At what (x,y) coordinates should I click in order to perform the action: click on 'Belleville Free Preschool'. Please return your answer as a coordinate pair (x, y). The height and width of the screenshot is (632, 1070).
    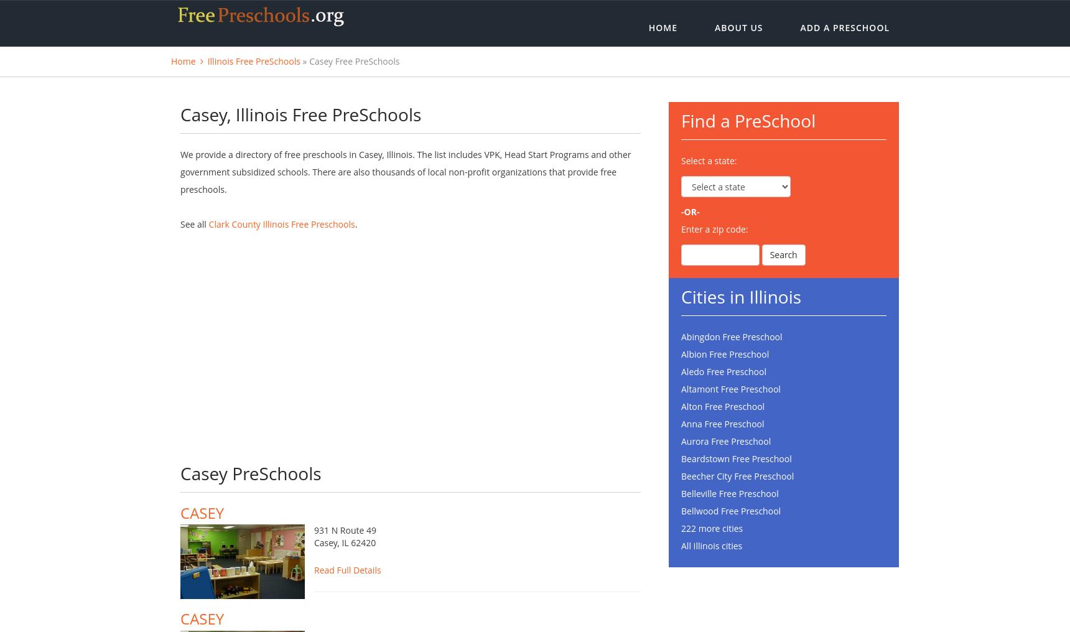
    Looking at the image, I should click on (729, 506).